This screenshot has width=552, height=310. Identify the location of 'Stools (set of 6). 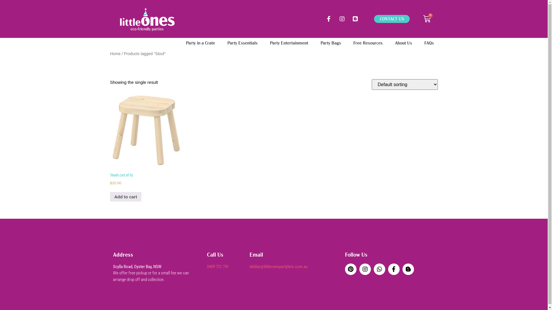
(146, 146).